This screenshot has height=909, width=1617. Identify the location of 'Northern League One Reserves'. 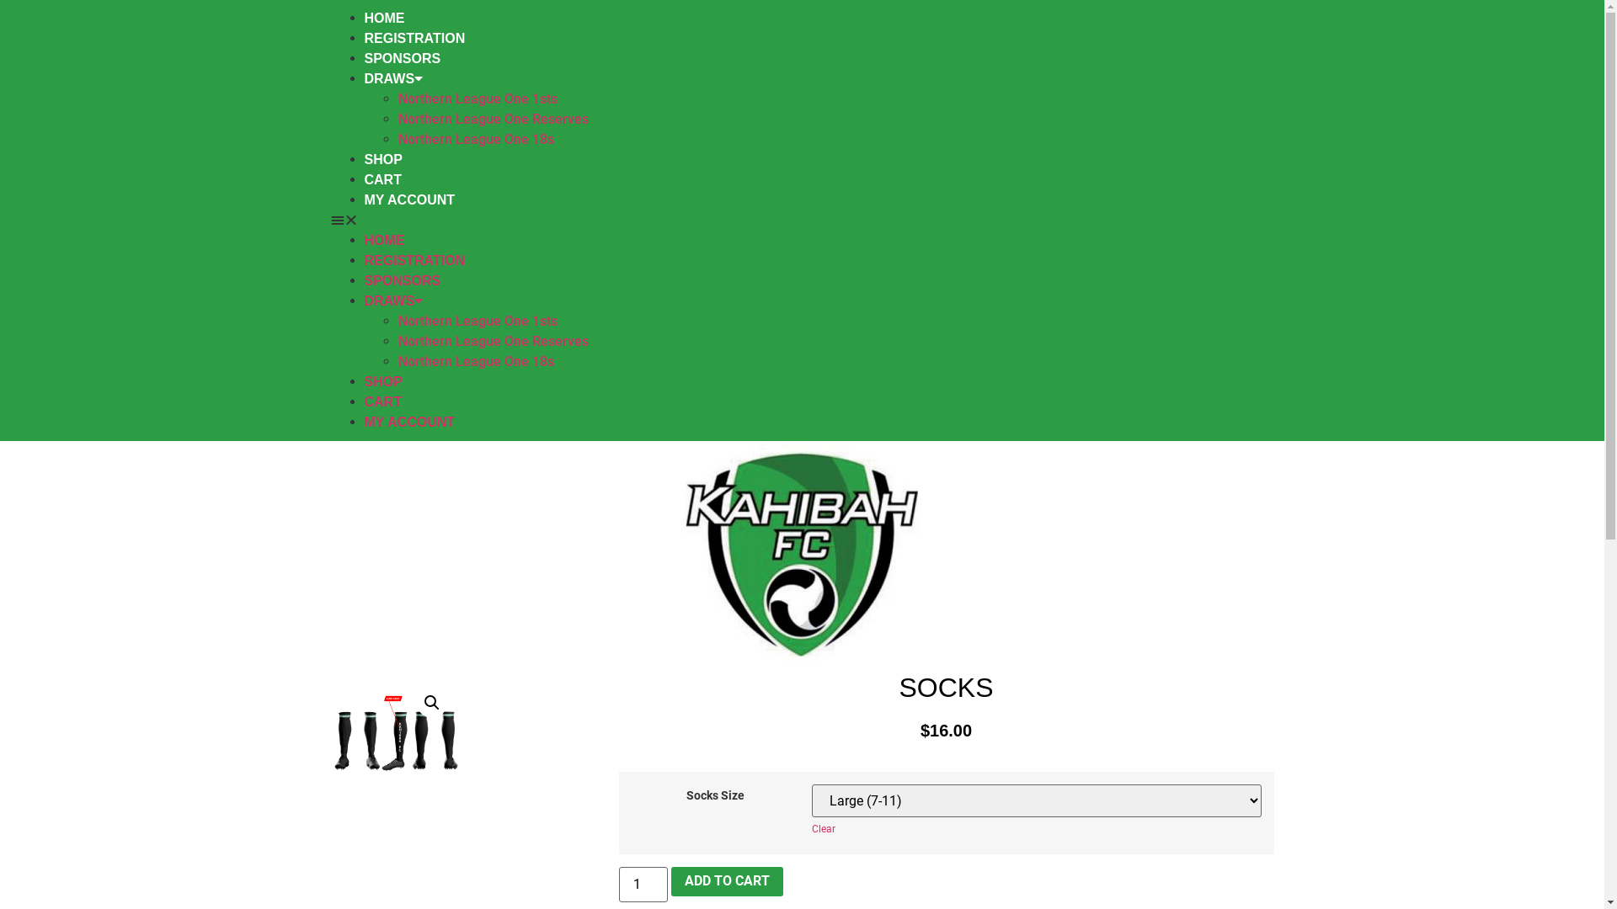
(492, 118).